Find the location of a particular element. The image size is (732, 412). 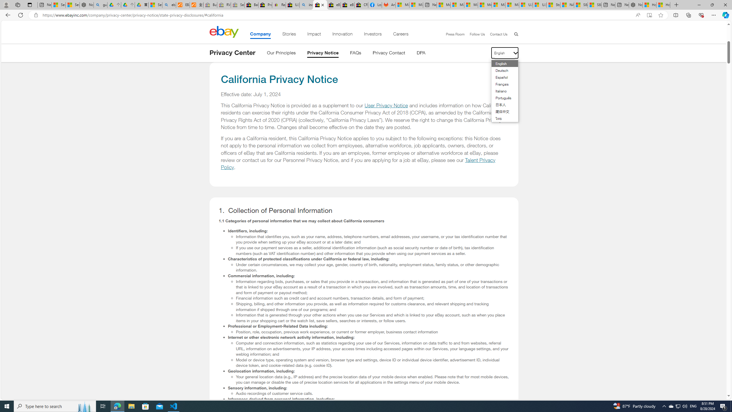

'Baby Keepsakes & Announcements for sale | eBay' is located at coordinates (251, 5).